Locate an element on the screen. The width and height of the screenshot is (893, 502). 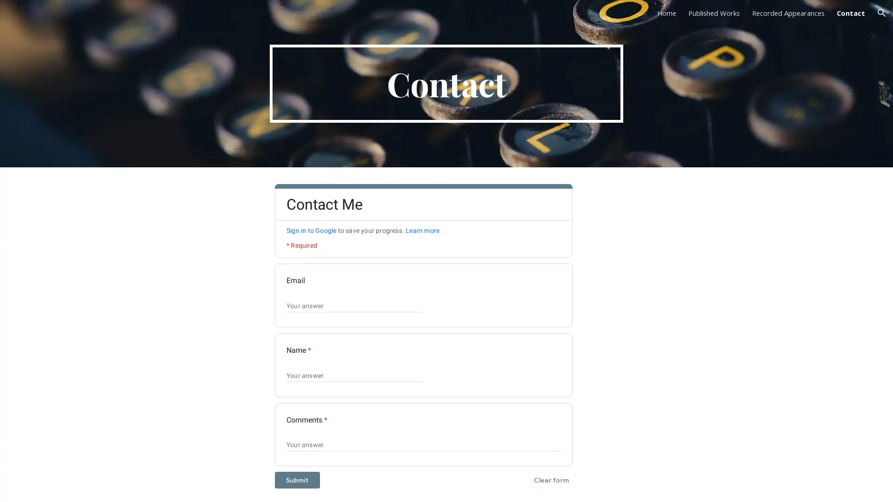
Skip to main content is located at coordinates (366, 17).